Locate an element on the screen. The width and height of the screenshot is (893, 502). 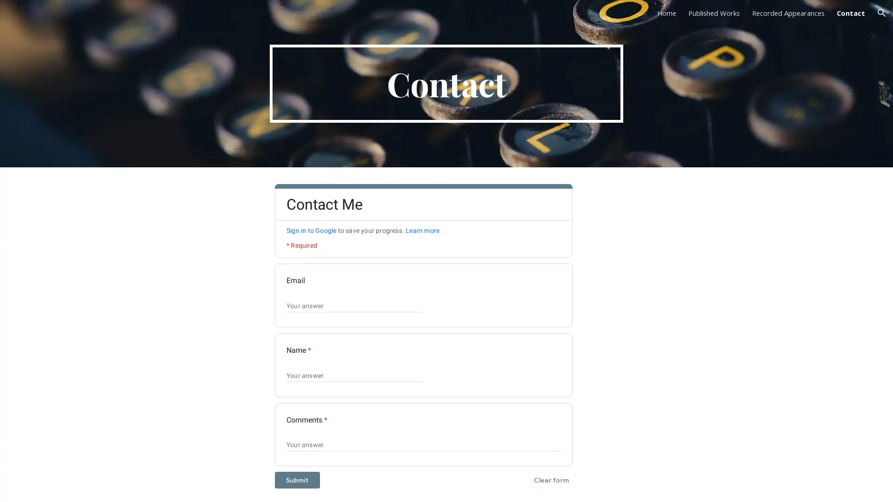
Skip to main content is located at coordinates (366, 17).